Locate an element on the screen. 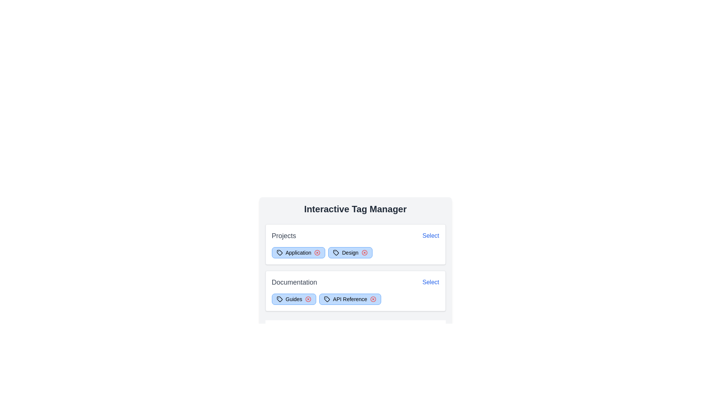 Image resolution: width=721 pixels, height=405 pixels. the red icon within the 'API Reference' tag is located at coordinates (355, 299).